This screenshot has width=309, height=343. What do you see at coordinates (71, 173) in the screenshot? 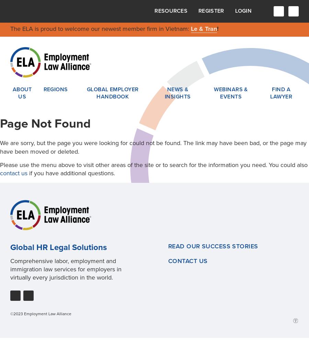
I see `'if you have additional questions.'` at bounding box center [71, 173].